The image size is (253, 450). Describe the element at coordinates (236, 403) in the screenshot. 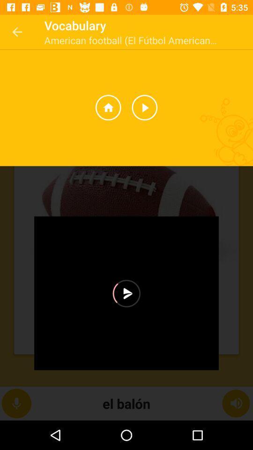

I see `the volume icon` at that location.